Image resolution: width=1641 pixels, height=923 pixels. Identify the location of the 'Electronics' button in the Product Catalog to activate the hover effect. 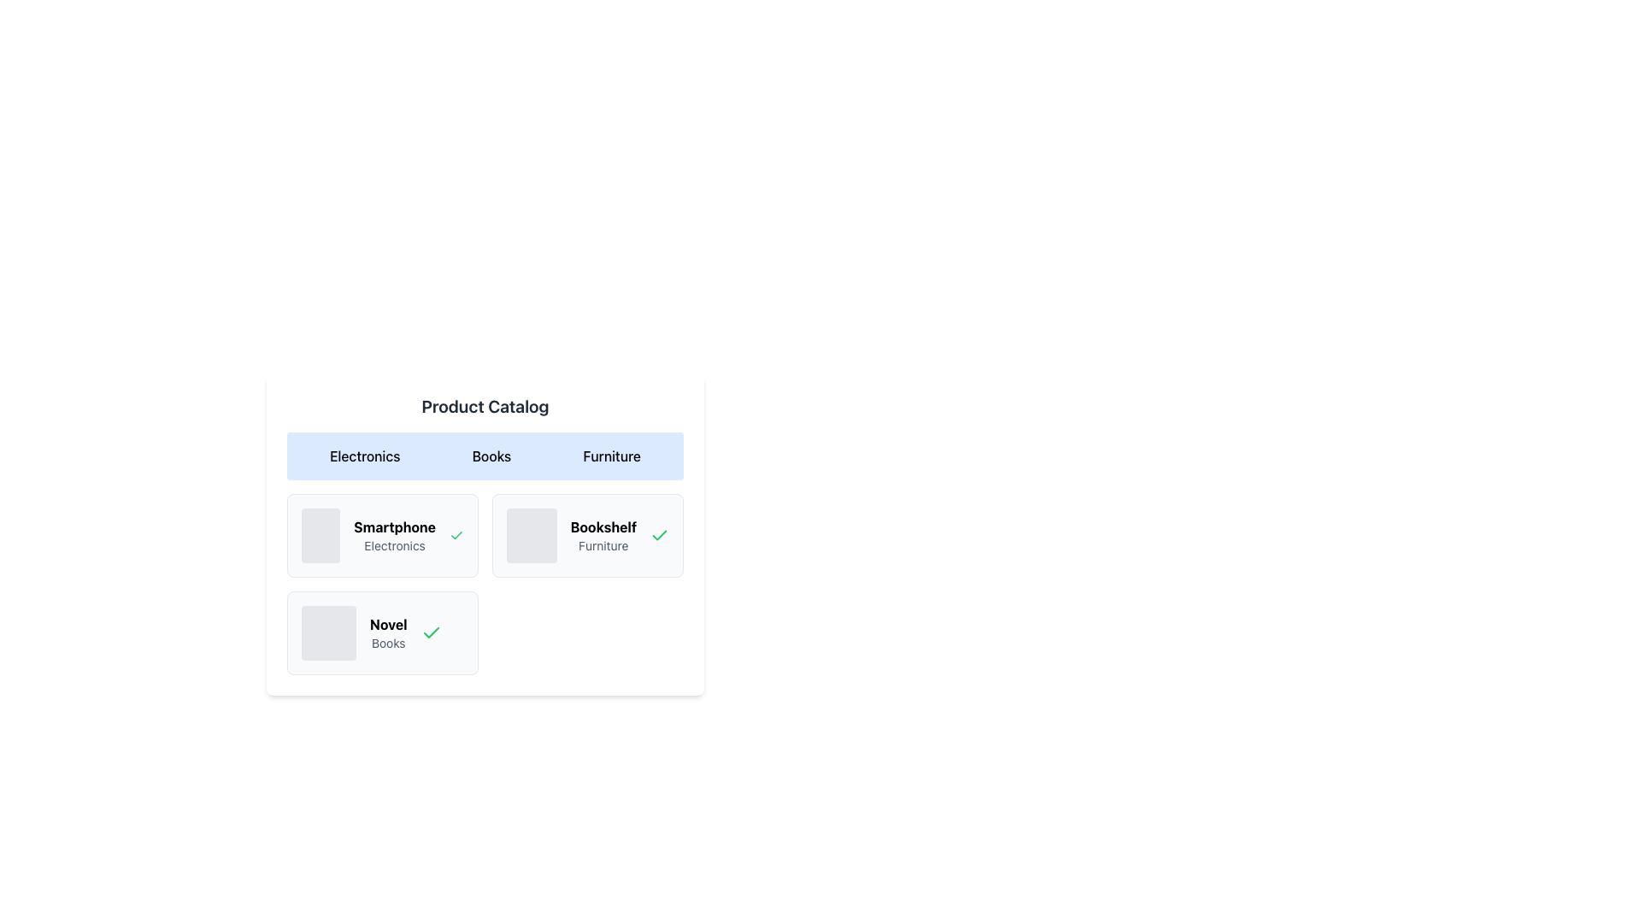
(364, 455).